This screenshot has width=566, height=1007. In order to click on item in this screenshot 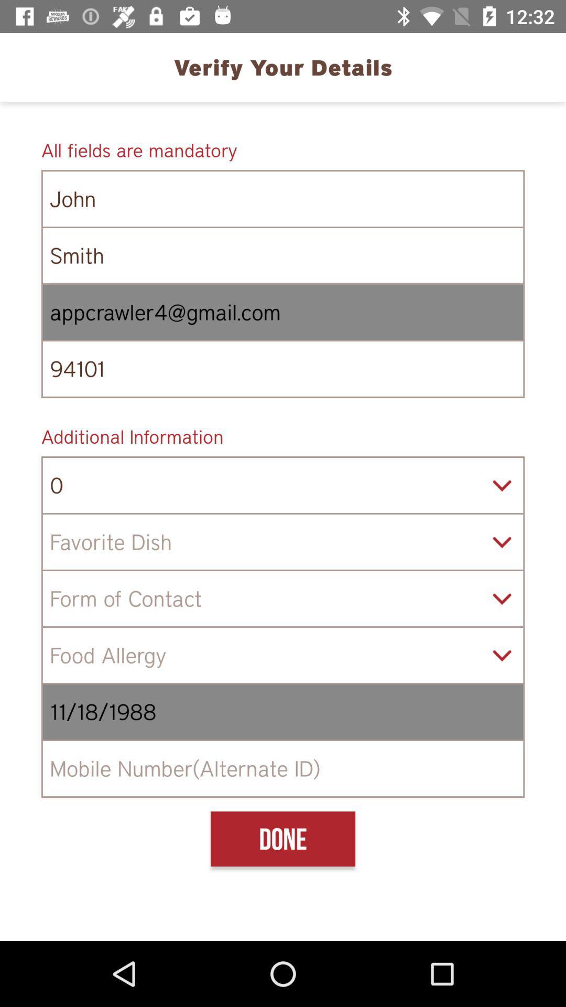, I will do `click(283, 598)`.